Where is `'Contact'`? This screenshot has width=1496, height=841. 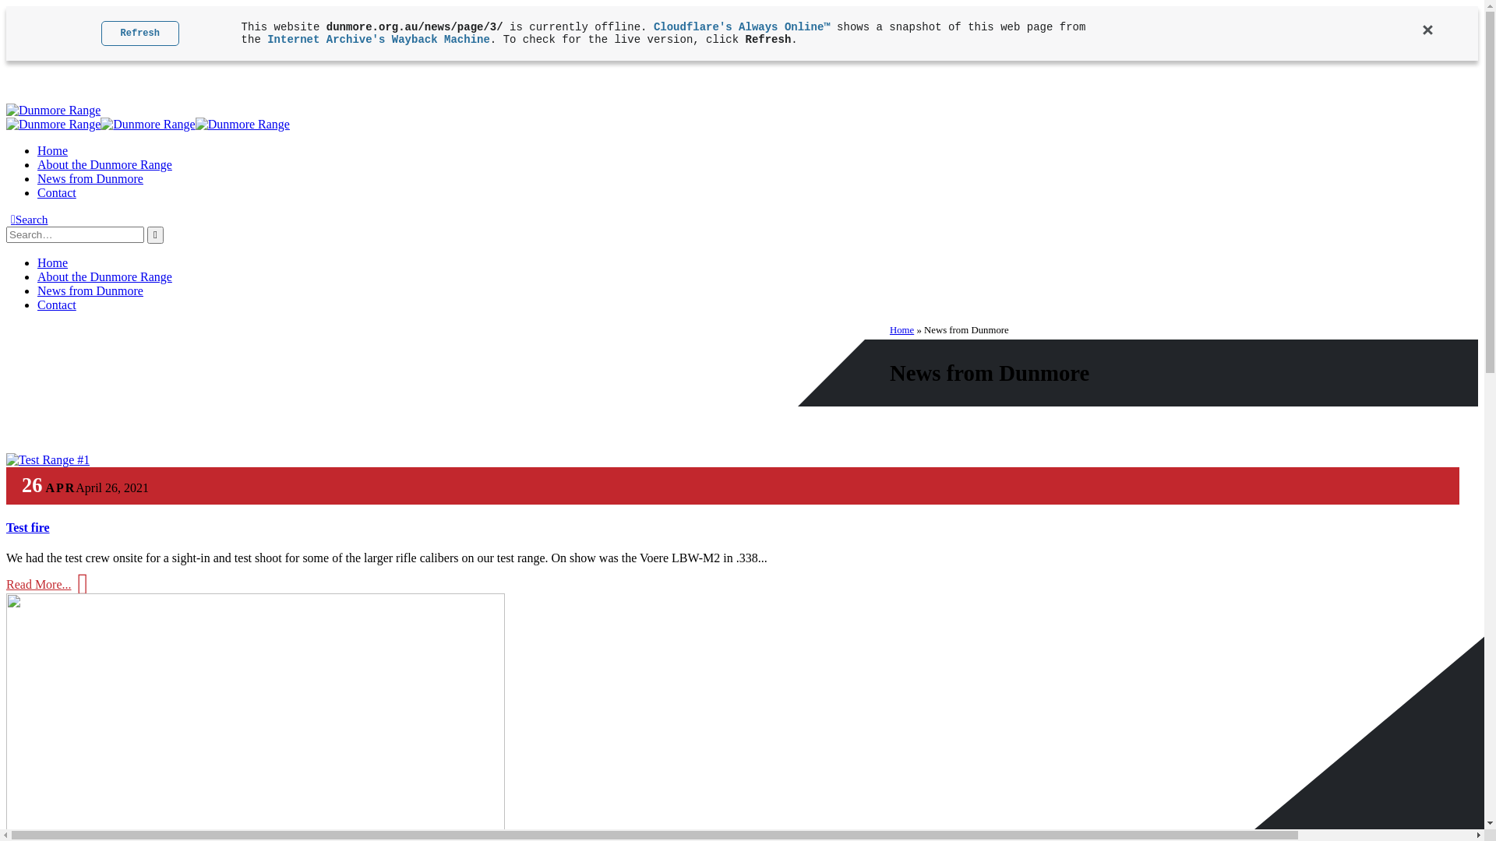 'Contact' is located at coordinates (37, 304).